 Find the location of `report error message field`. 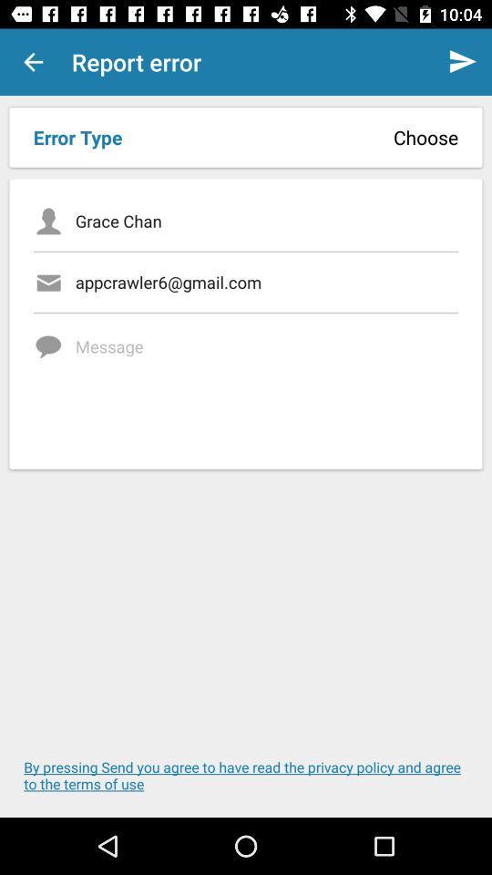

report error message field is located at coordinates (266, 385).